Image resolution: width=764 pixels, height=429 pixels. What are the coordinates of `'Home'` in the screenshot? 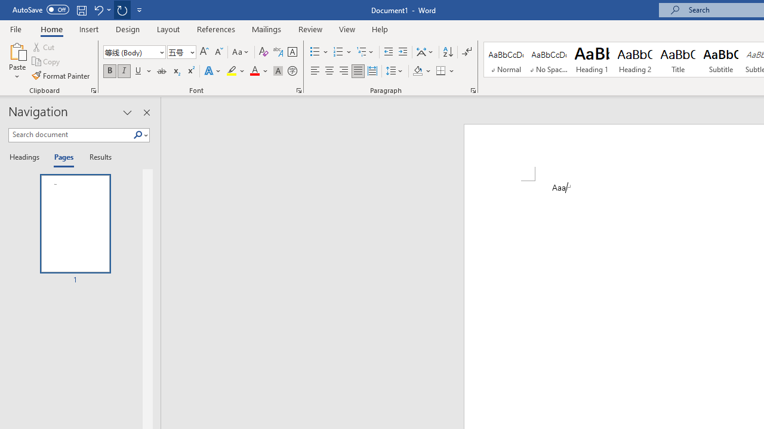 It's located at (51, 29).